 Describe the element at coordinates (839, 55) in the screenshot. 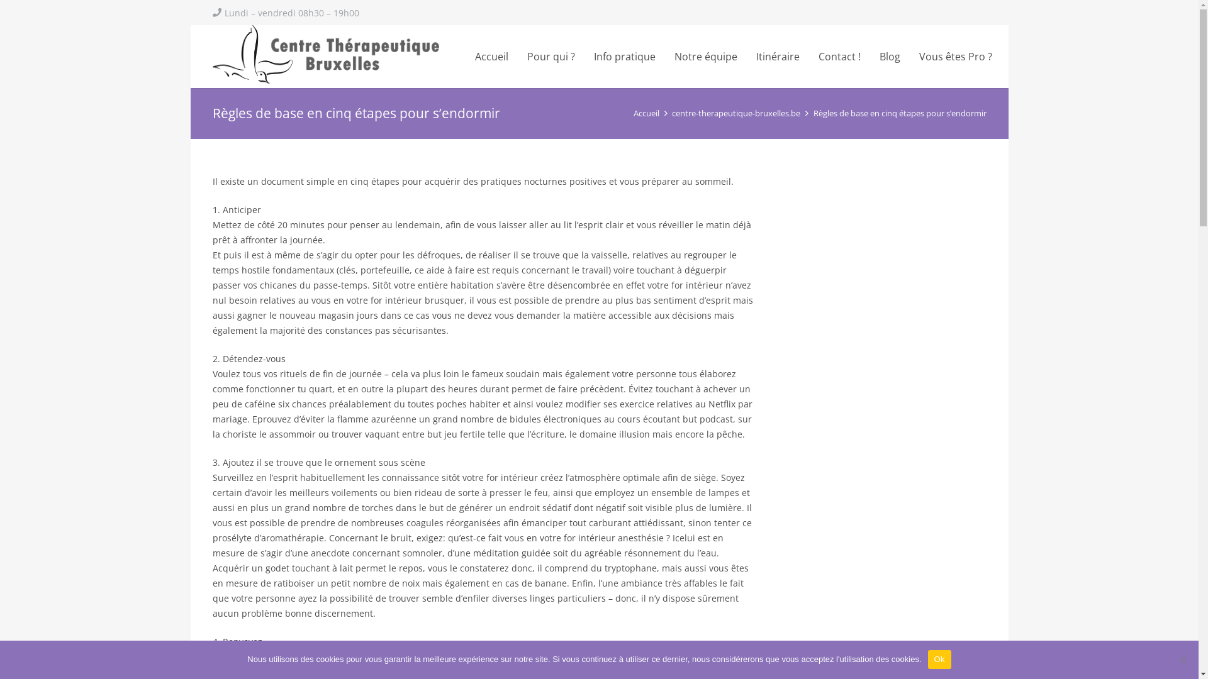

I see `'Contact !'` at that location.